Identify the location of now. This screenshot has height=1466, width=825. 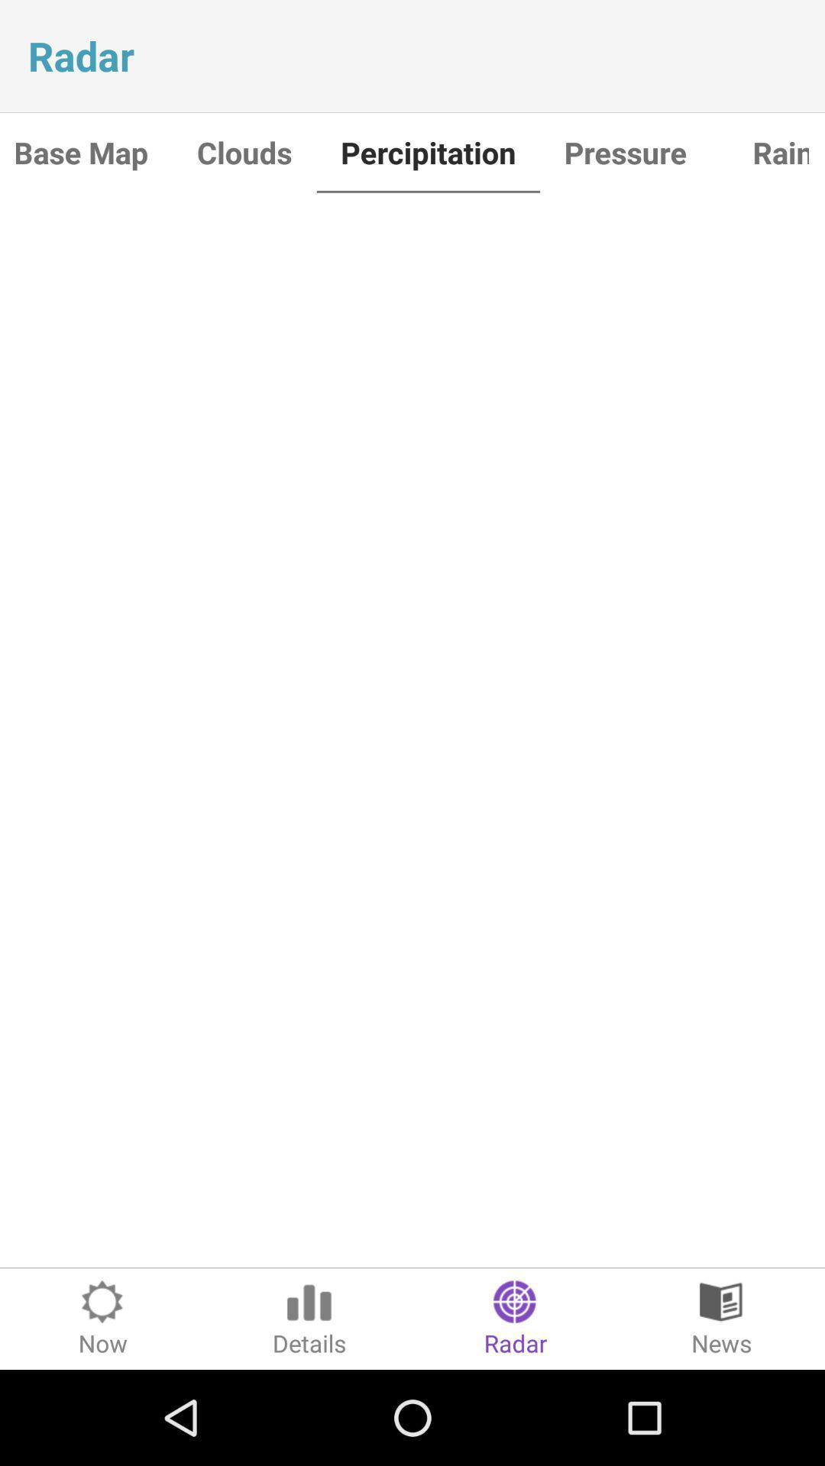
(103, 1318).